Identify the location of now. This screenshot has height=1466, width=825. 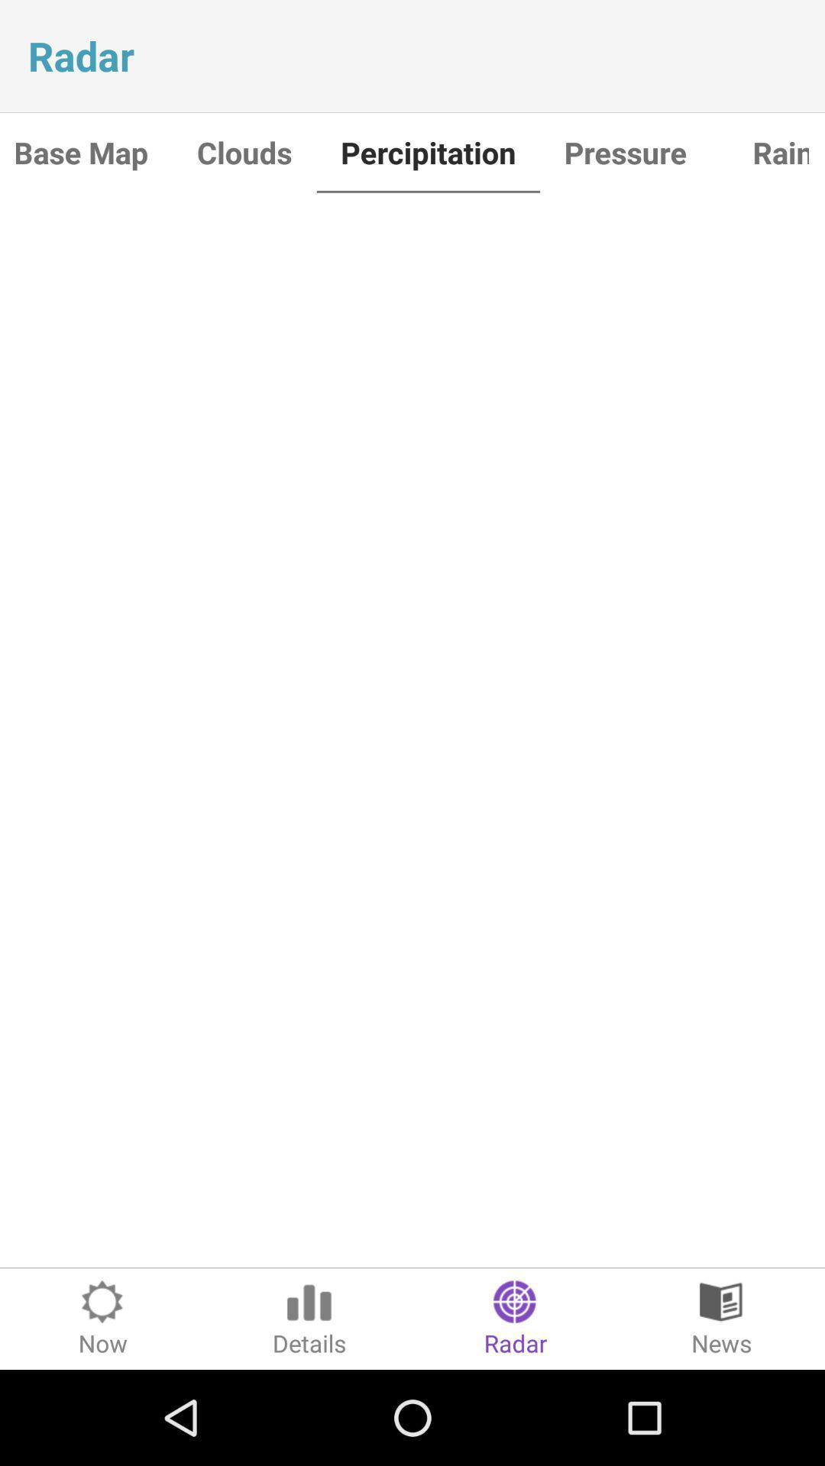
(103, 1318).